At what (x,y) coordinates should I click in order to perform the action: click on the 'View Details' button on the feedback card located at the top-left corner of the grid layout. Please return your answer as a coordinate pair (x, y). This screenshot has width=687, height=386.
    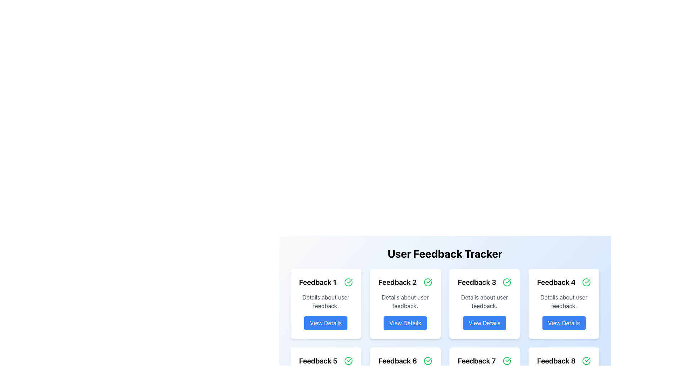
    Looking at the image, I should click on (325, 303).